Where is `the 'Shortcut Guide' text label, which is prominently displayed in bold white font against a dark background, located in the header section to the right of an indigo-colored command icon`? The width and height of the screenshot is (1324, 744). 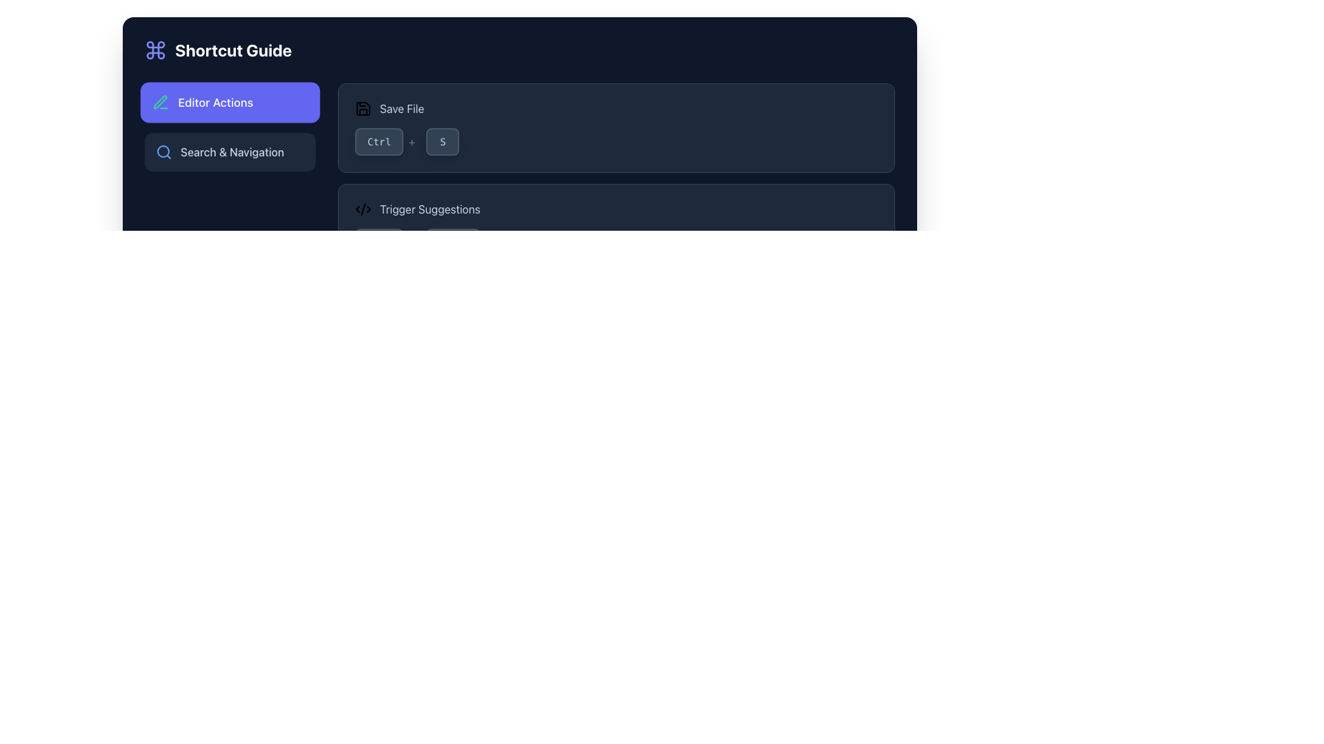 the 'Shortcut Guide' text label, which is prominently displayed in bold white font against a dark background, located in the header section to the right of an indigo-colored command icon is located at coordinates (233, 50).